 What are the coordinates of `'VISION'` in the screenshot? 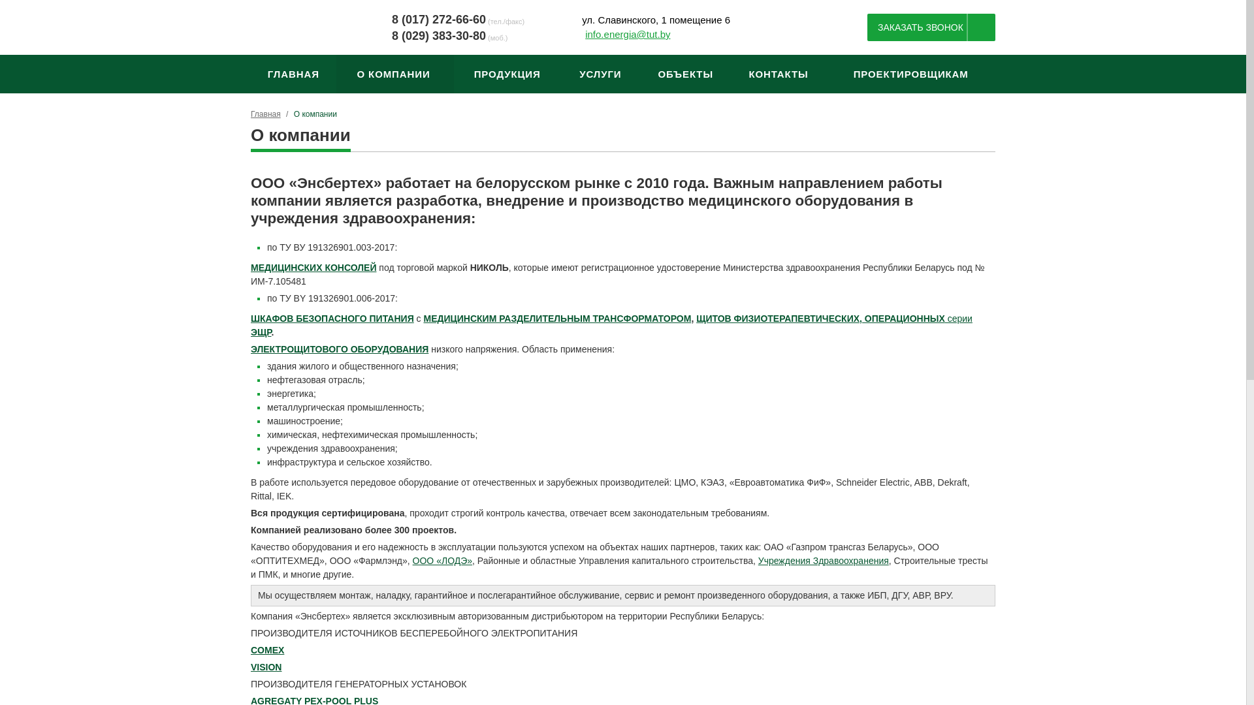 It's located at (265, 667).